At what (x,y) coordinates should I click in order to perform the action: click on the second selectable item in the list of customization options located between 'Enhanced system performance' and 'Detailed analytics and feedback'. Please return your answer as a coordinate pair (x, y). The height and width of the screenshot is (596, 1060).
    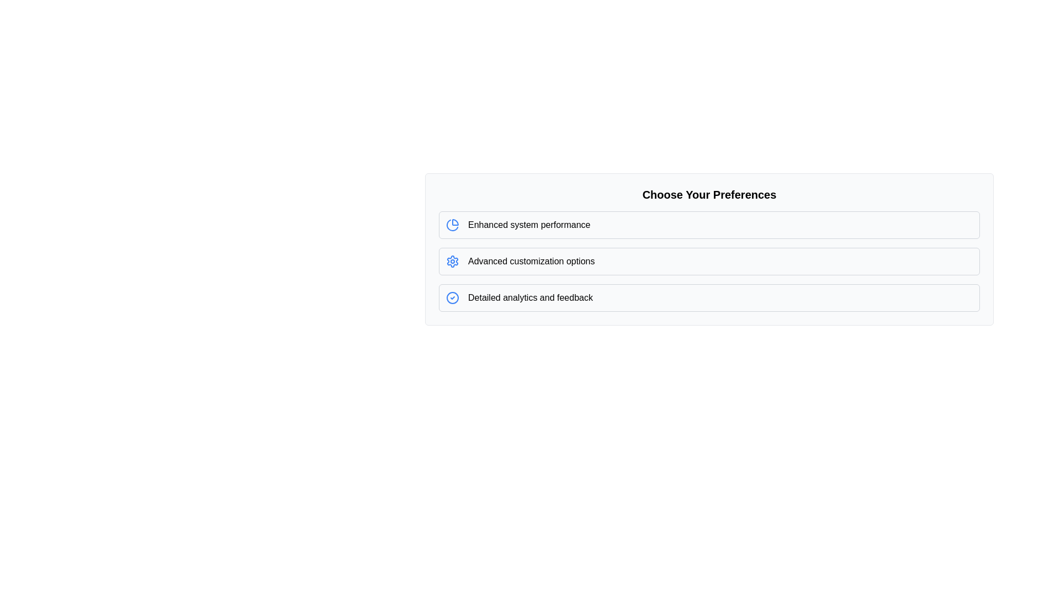
    Looking at the image, I should click on (709, 262).